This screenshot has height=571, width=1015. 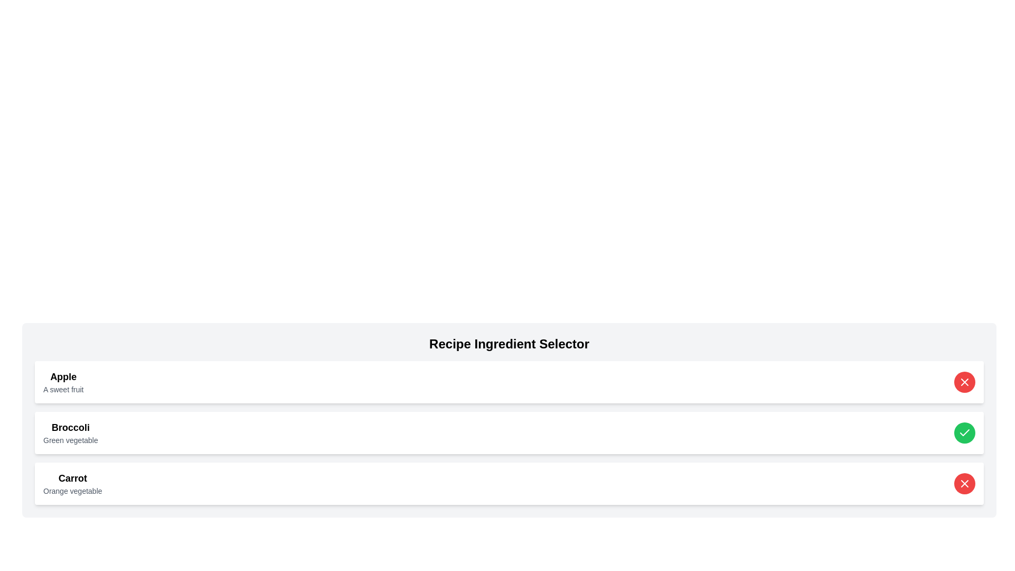 What do you see at coordinates (964, 382) in the screenshot?
I see `the red diagonal cross-shaped icon located at the far right of the 'Apple' list item` at bounding box center [964, 382].